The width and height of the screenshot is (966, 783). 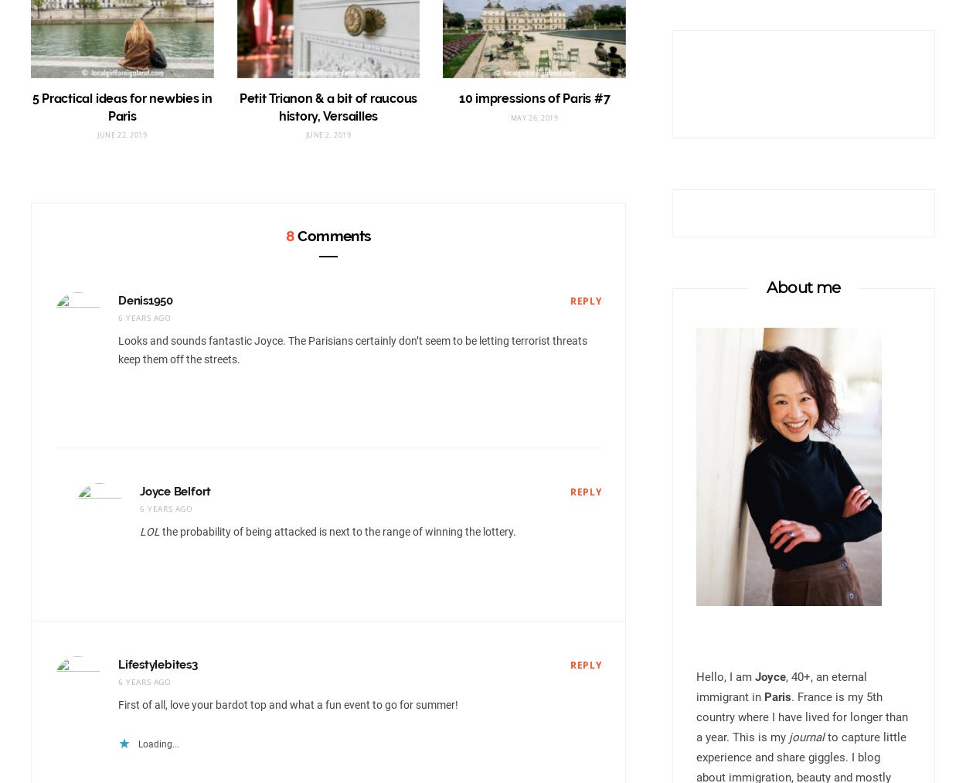 I want to click on '8', so click(x=290, y=234).